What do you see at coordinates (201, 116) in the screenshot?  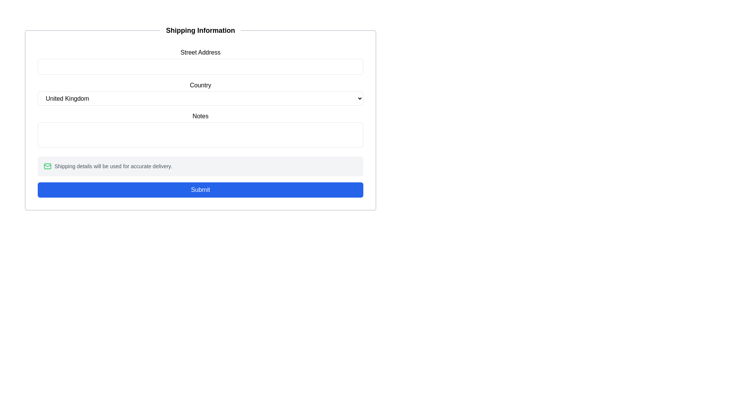 I see `the 'Notes' text label, which is positioned above the text area for user comments and slightly below the 'Country' dropdown` at bounding box center [201, 116].